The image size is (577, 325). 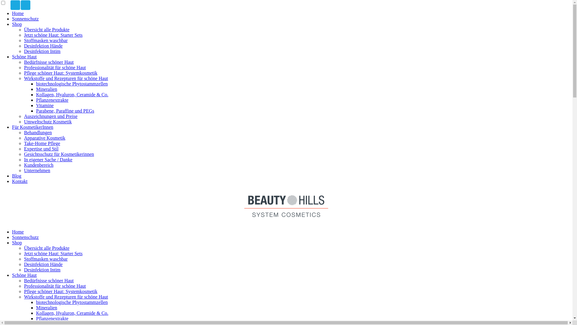 What do you see at coordinates (24, 165) in the screenshot?
I see `'Kundenbereich'` at bounding box center [24, 165].